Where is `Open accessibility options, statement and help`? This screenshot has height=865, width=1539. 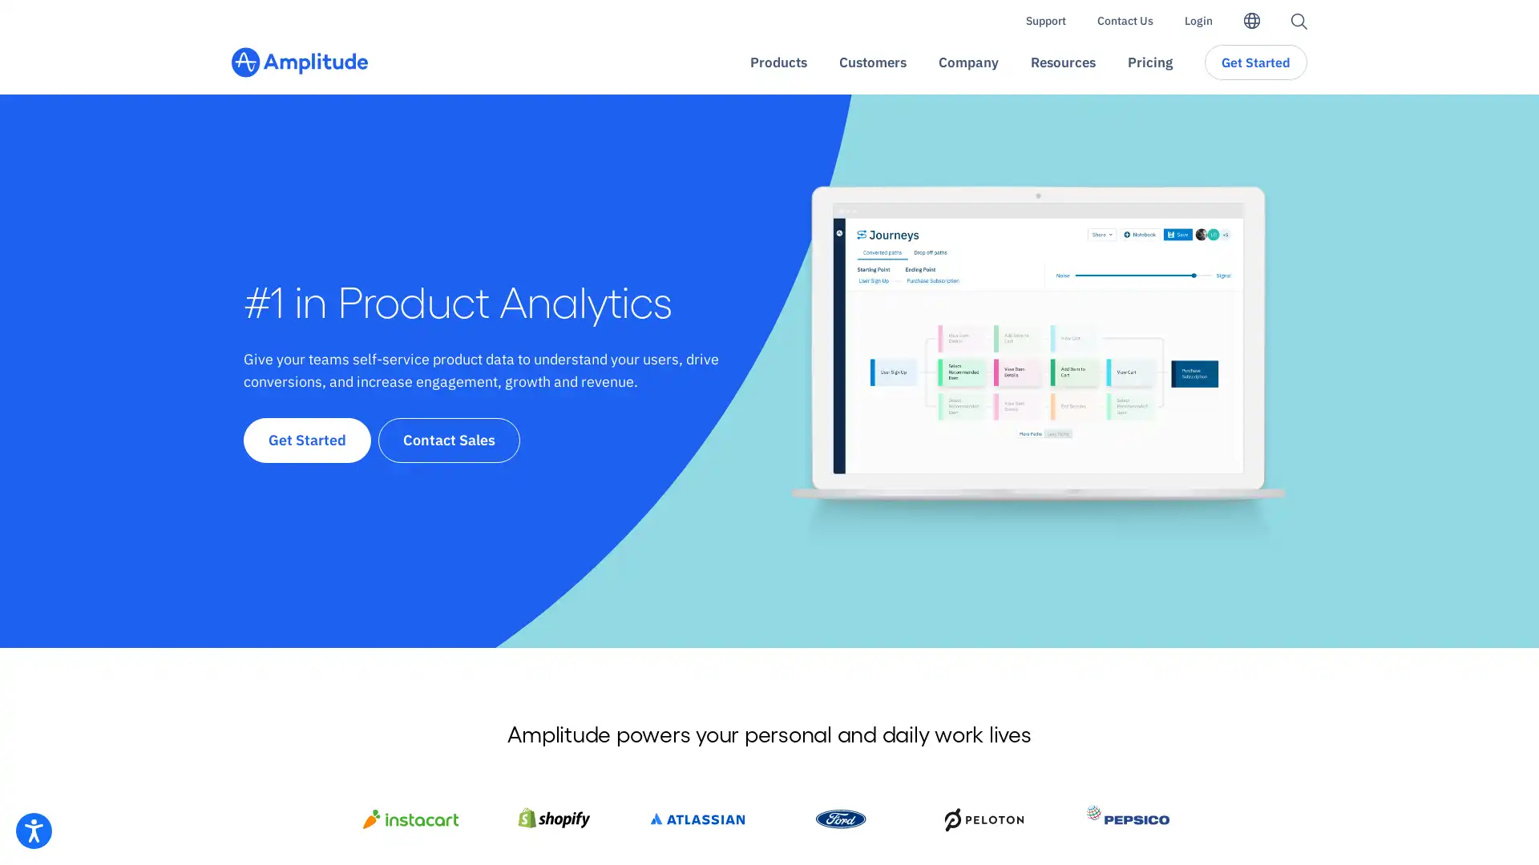
Open accessibility options, statement and help is located at coordinates (34, 830).